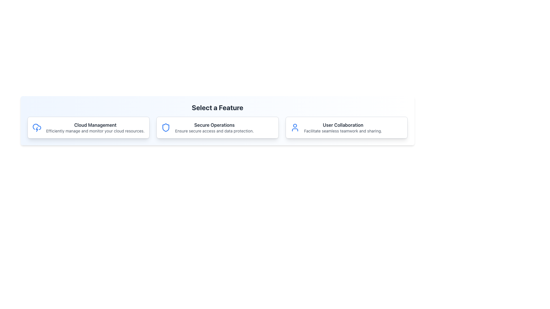 The image size is (550, 309). What do you see at coordinates (37, 127) in the screenshot?
I see `the 'Cloud Management' icon located in the top-left region of its feature card` at bounding box center [37, 127].